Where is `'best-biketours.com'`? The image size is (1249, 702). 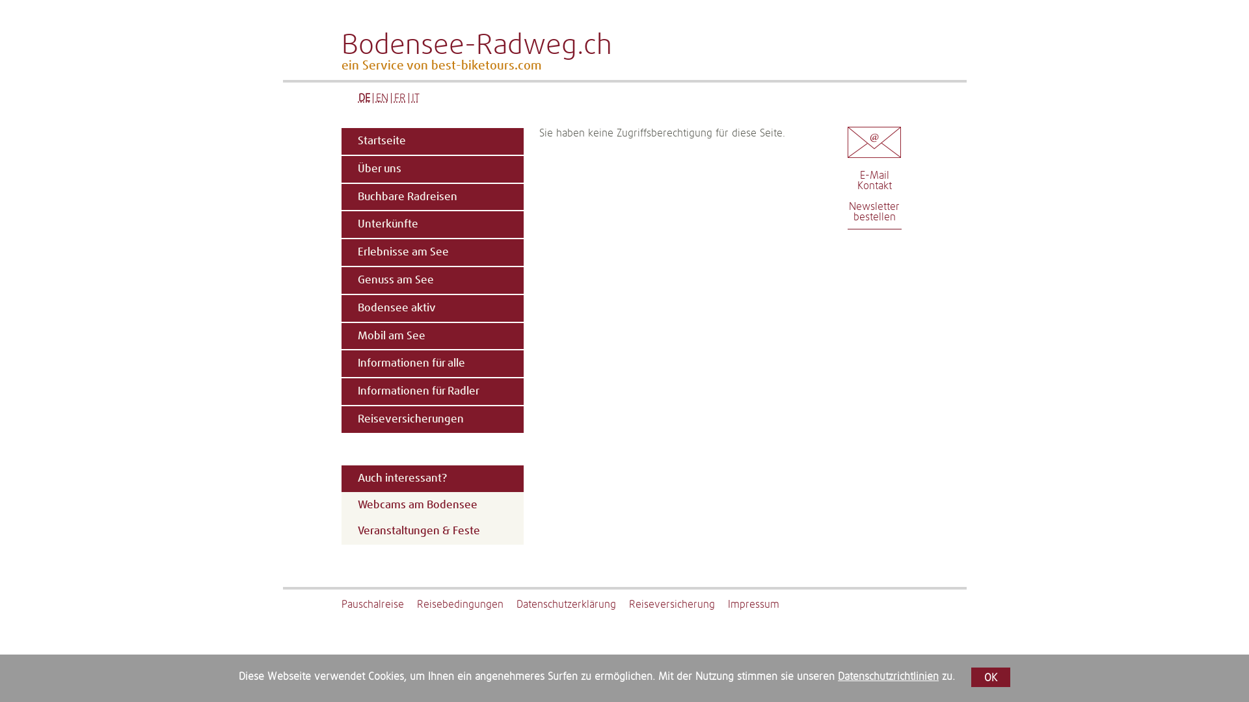
'best-biketours.com' is located at coordinates (485, 66).